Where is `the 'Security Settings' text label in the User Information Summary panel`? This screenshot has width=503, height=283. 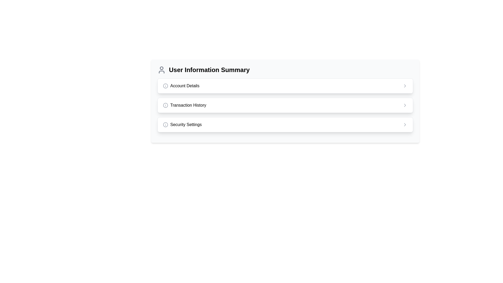
the 'Security Settings' text label in the User Information Summary panel is located at coordinates (182, 124).